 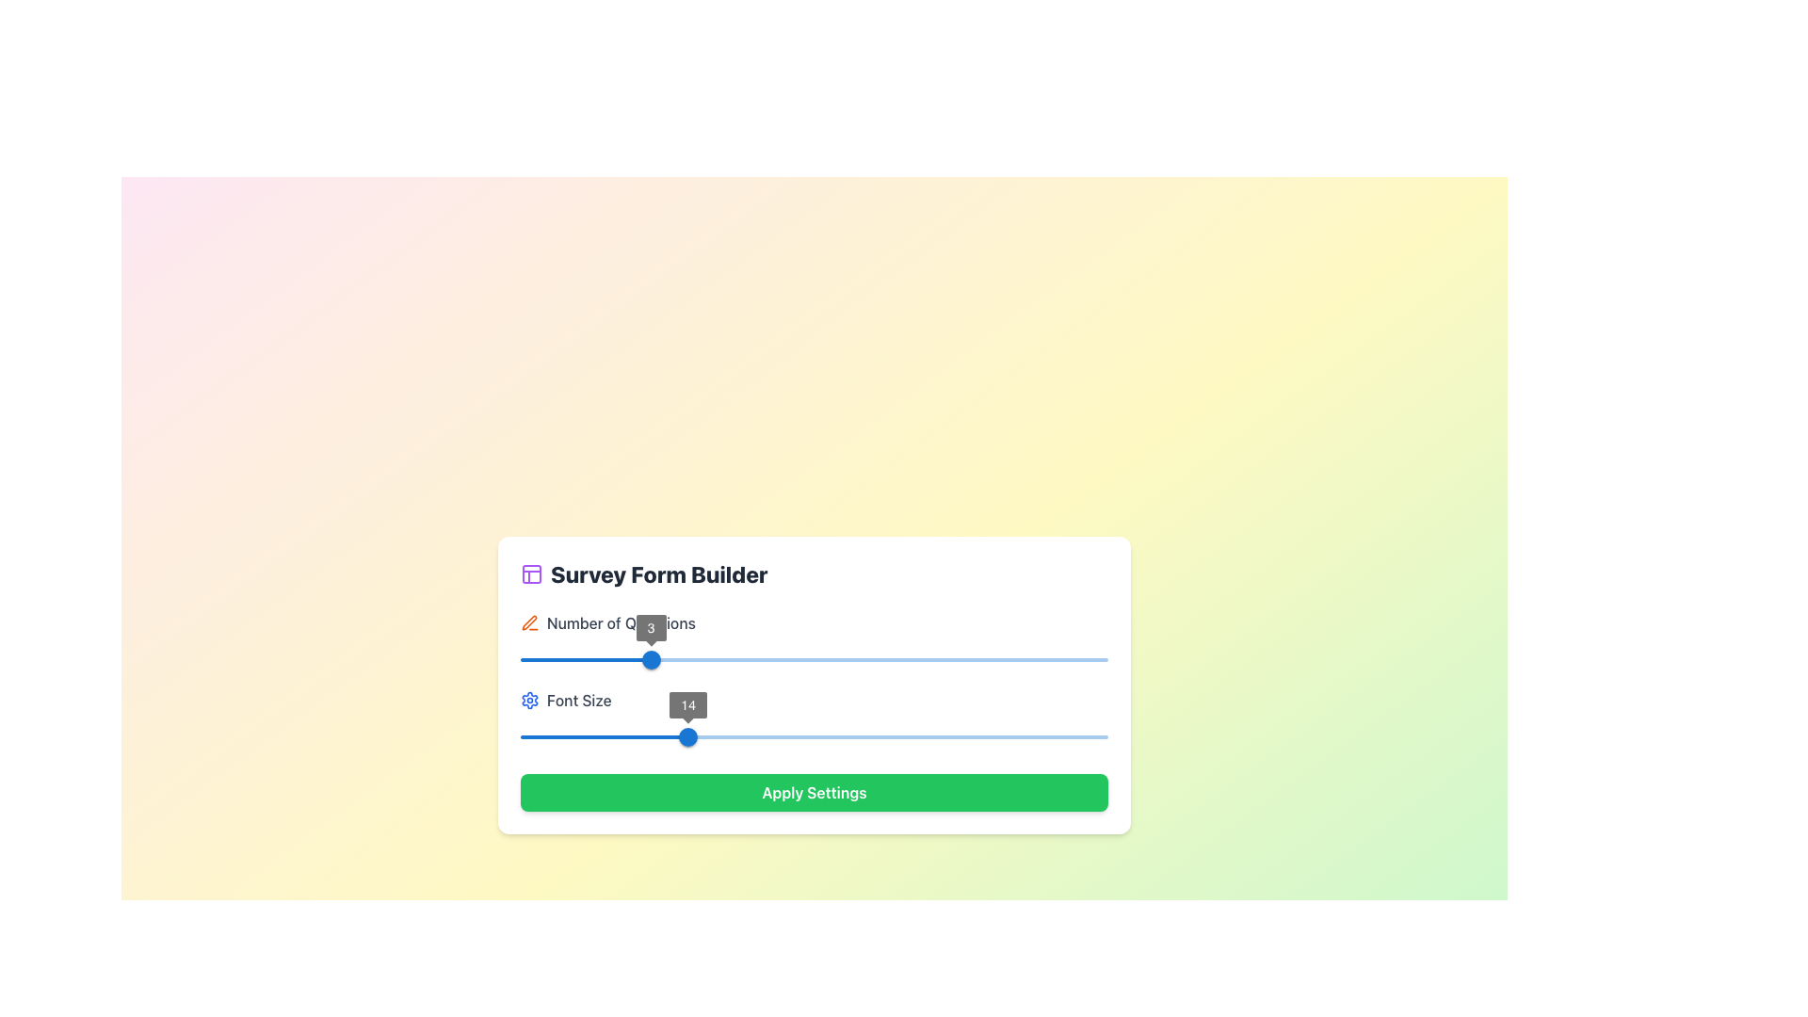 I want to click on the slider value, so click(x=673, y=736).